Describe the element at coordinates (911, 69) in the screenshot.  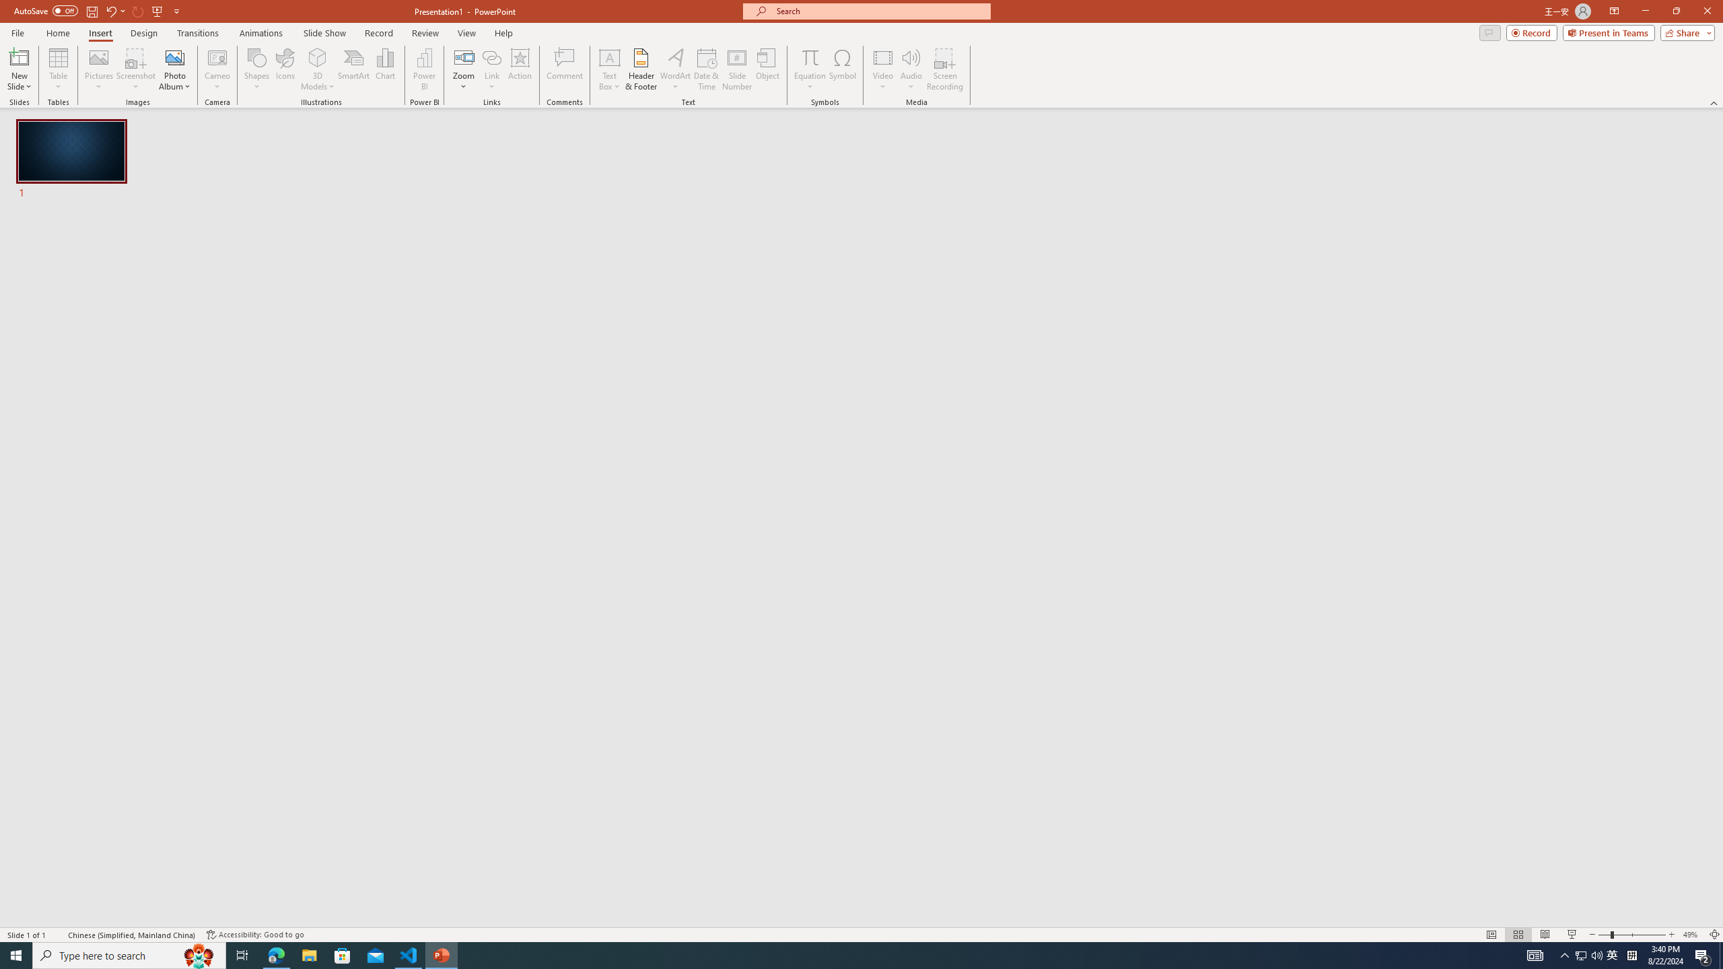
I see `'Audio'` at that location.